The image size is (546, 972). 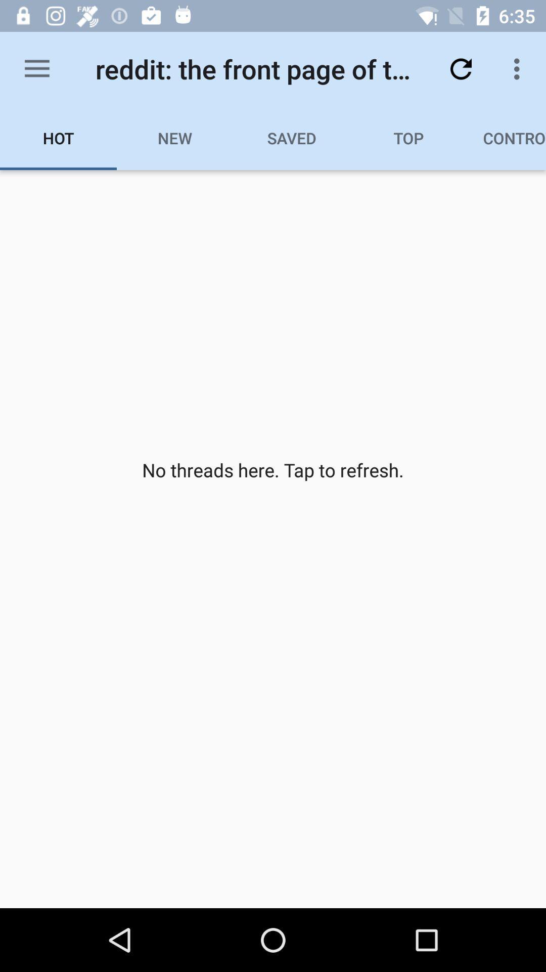 What do you see at coordinates (36, 68) in the screenshot?
I see `the item above the hot` at bounding box center [36, 68].